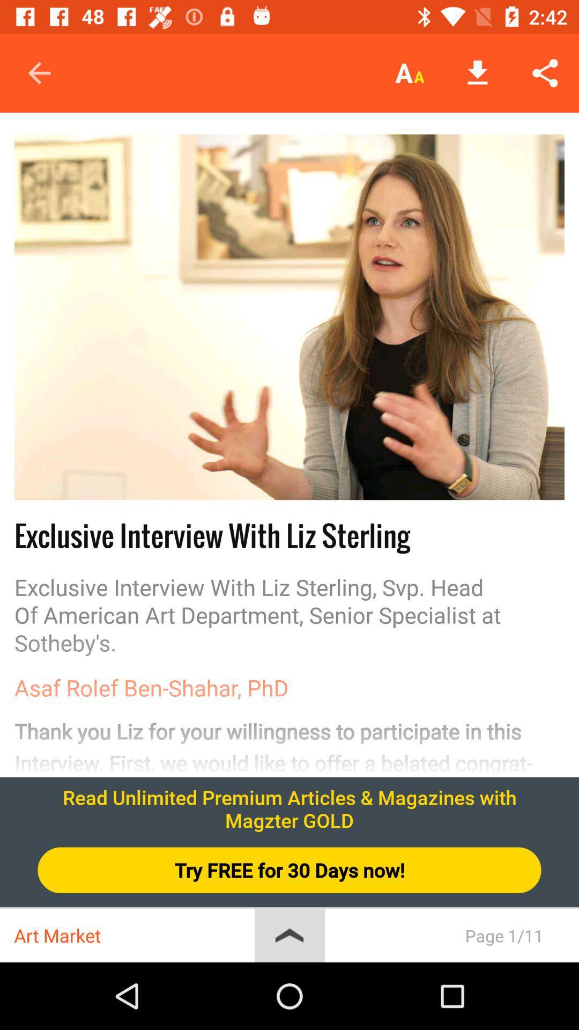 The image size is (579, 1030). I want to click on item below read unlimited premium item, so click(289, 870).